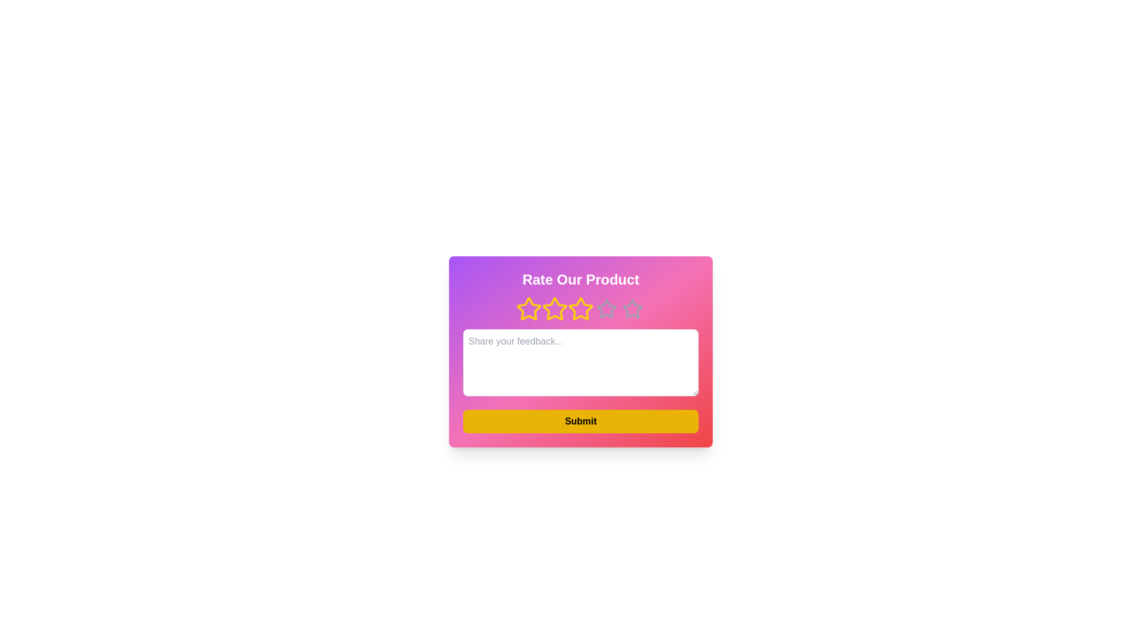 This screenshot has height=635, width=1130. Describe the element at coordinates (581, 308) in the screenshot. I see `the fourth star icon in the rating section` at that location.